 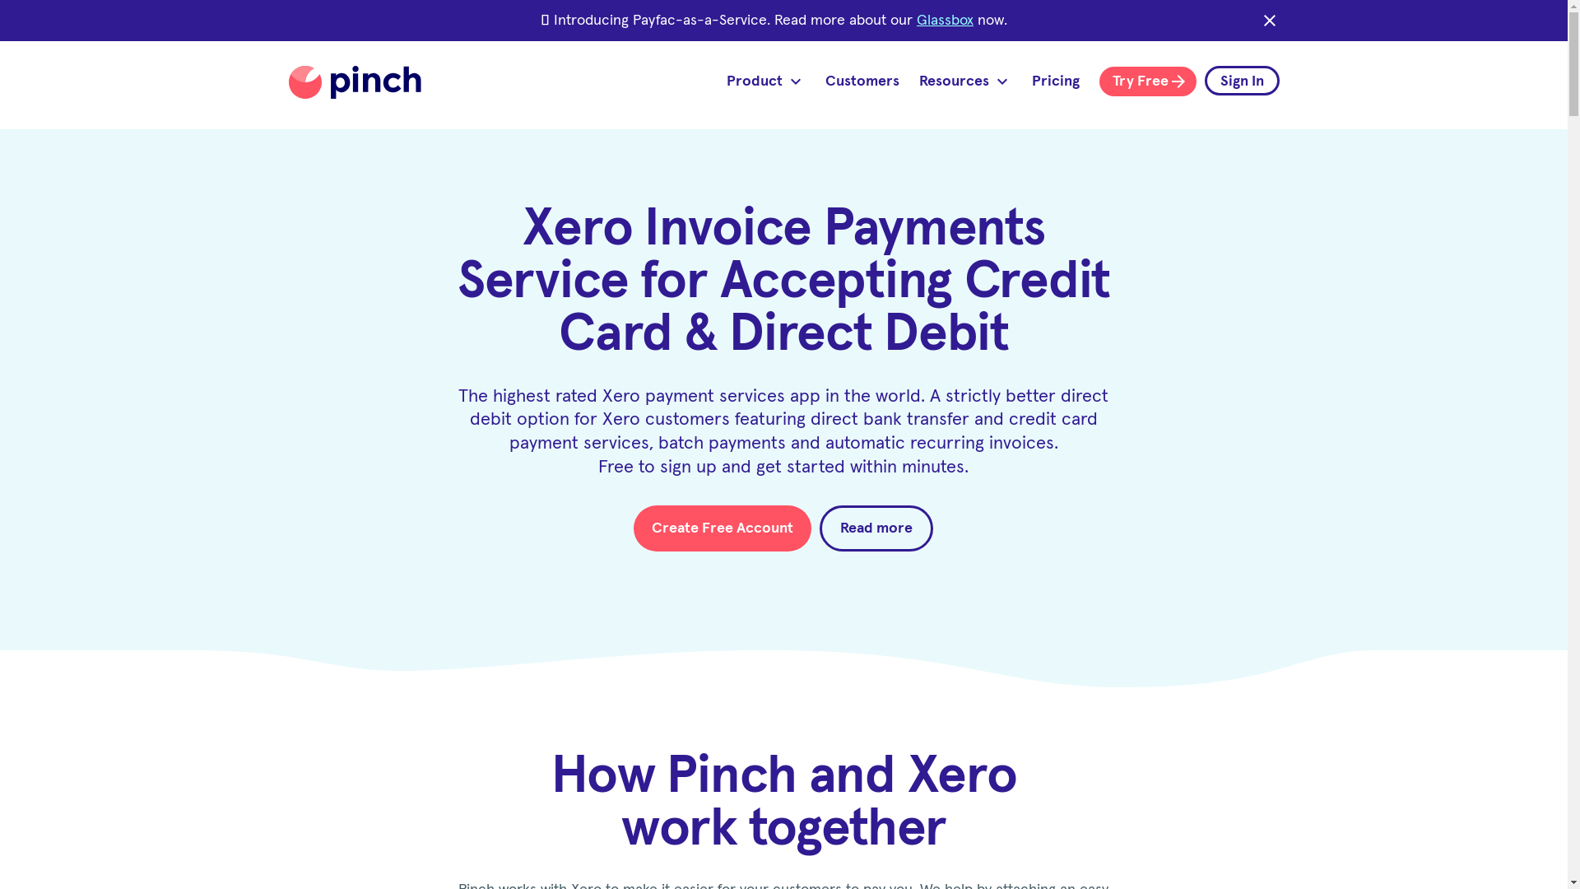 I want to click on 'Sign In', so click(x=1205, y=80).